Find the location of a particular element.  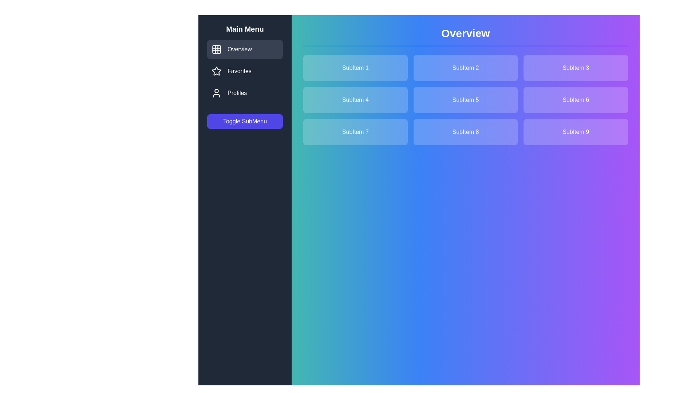

'Toggle SubMenu' button to toggle the visibility of the submenu is located at coordinates (245, 121).